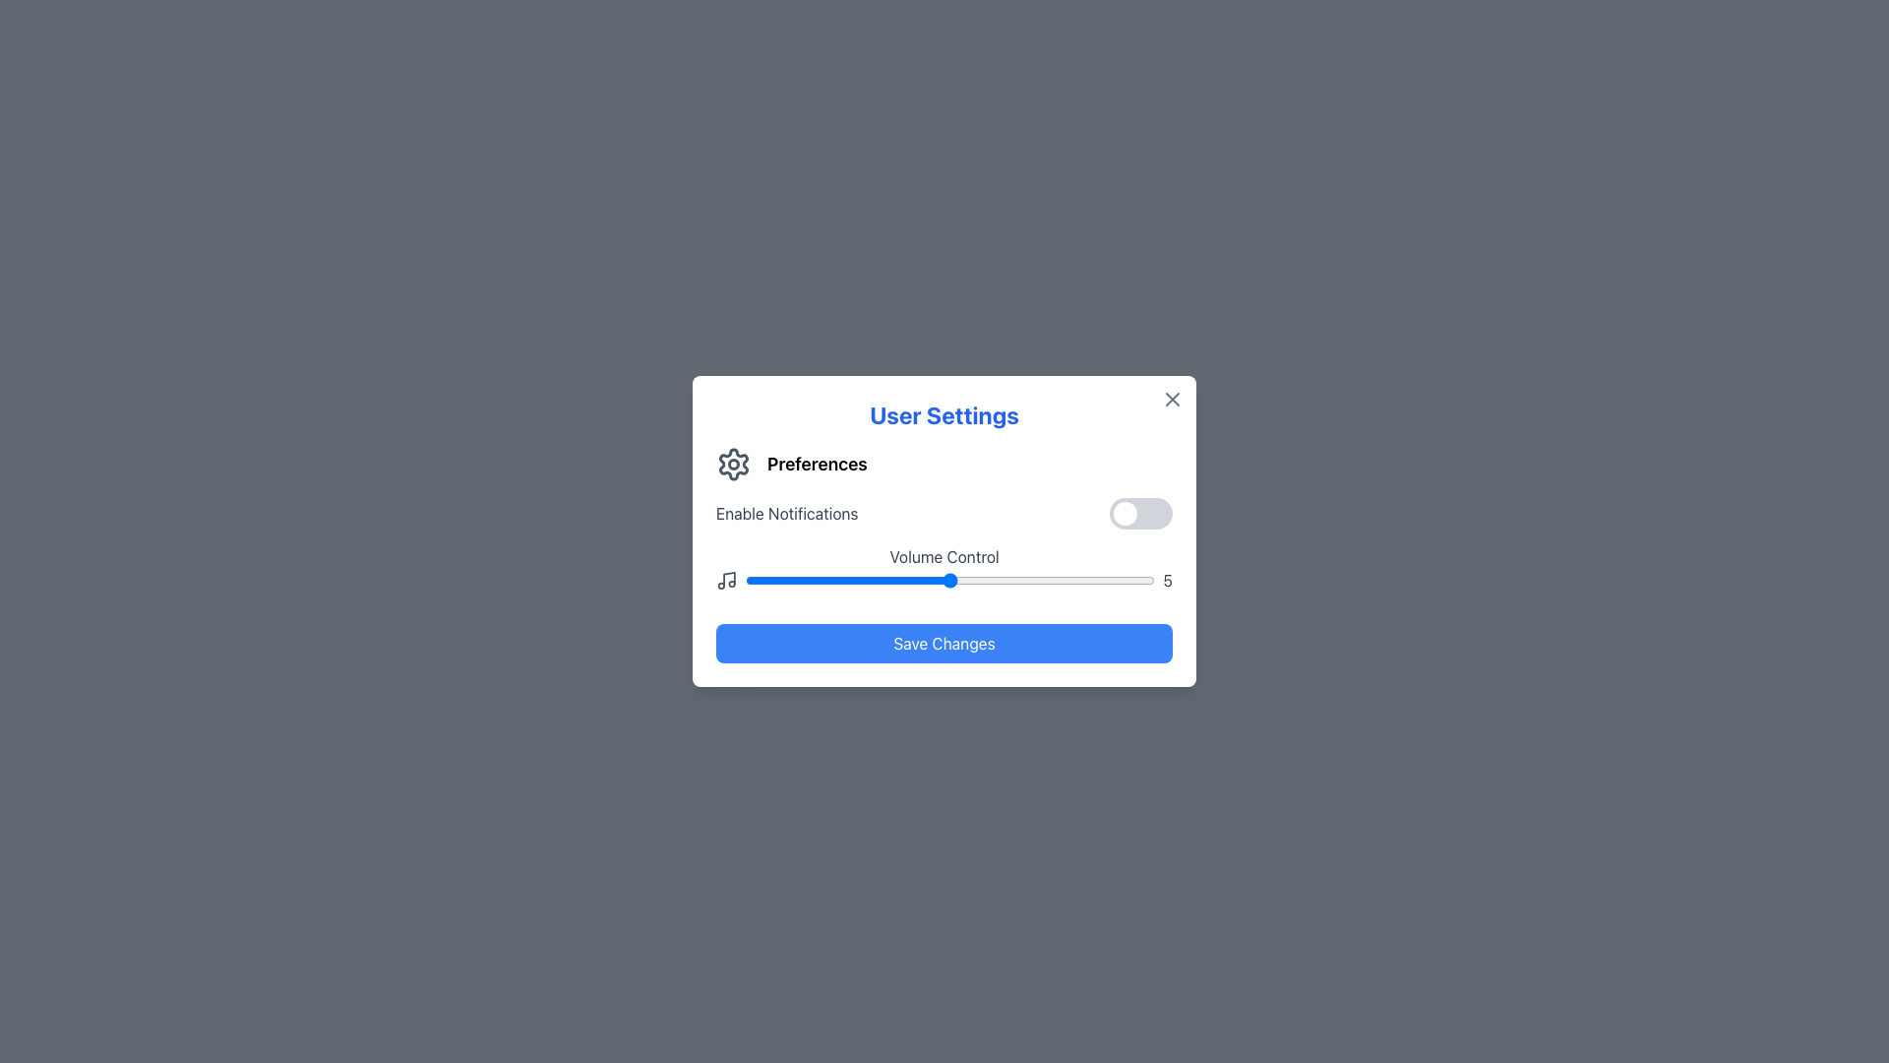  What do you see at coordinates (1172, 399) in the screenshot?
I see `the small grey 'X' button located in the top-right corner of the modal dialog box to change its color` at bounding box center [1172, 399].